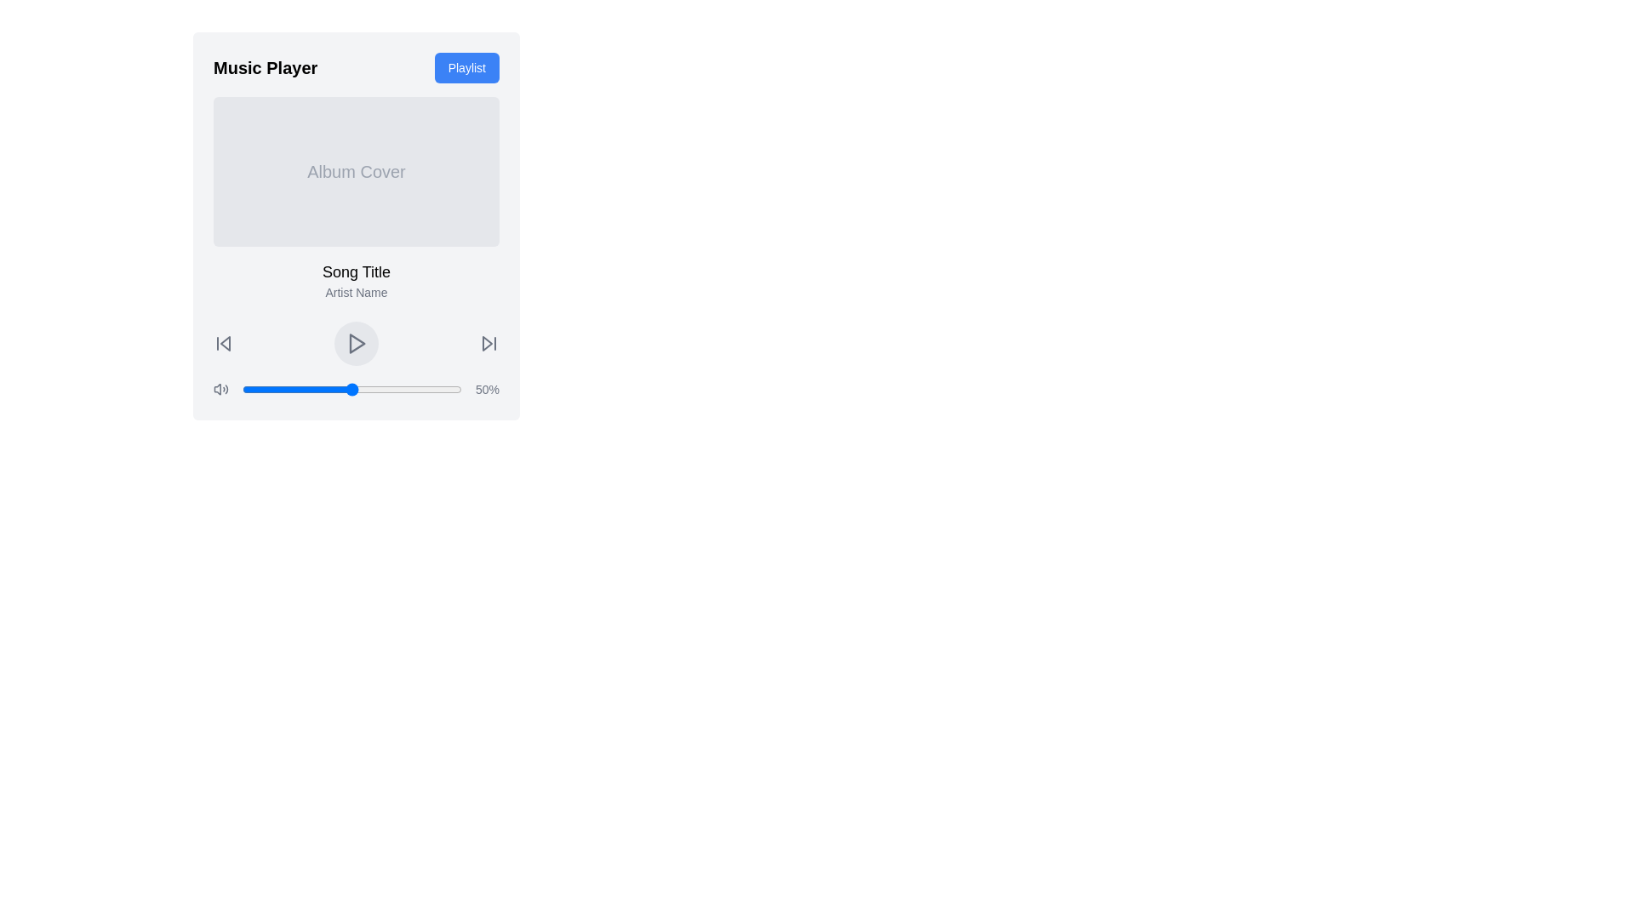 The width and height of the screenshot is (1634, 919). What do you see at coordinates (466, 67) in the screenshot?
I see `the 'Playlist' button located in the top-right corner of the interface` at bounding box center [466, 67].